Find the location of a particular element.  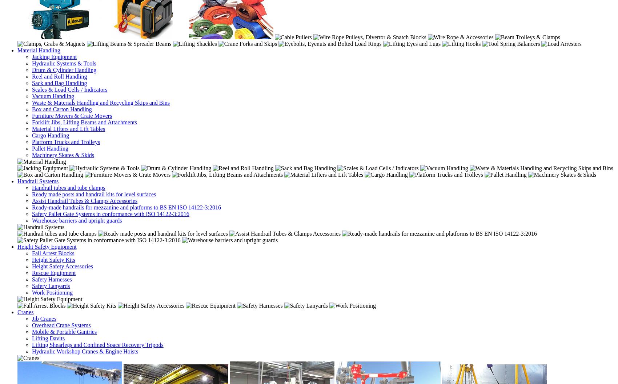

'Handrail Systems' is located at coordinates (38, 180).